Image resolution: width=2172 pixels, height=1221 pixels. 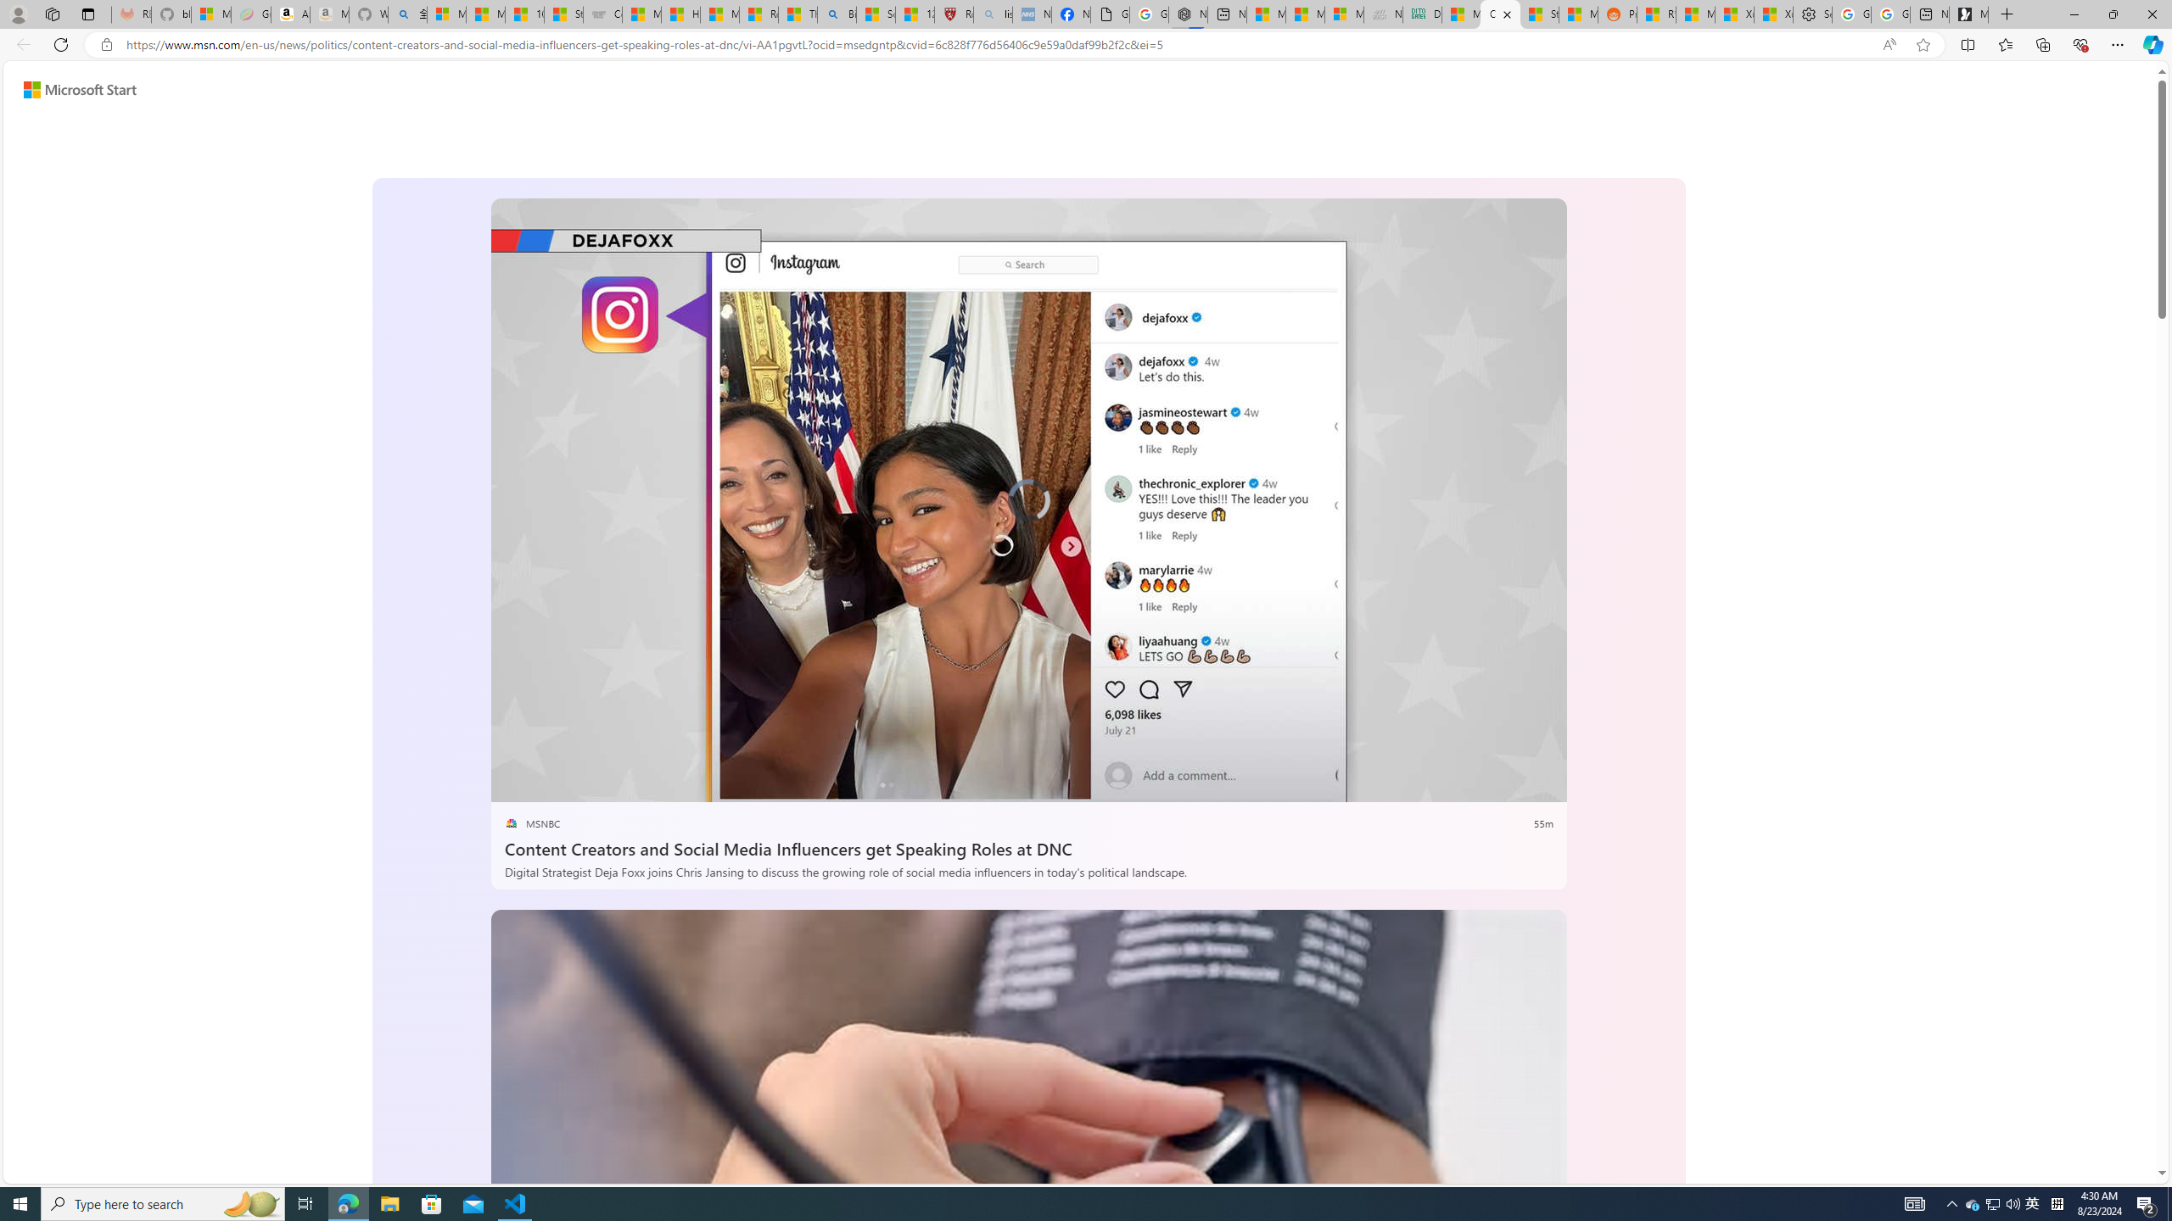 What do you see at coordinates (1474, 783) in the screenshot?
I see `'Captions'` at bounding box center [1474, 783].